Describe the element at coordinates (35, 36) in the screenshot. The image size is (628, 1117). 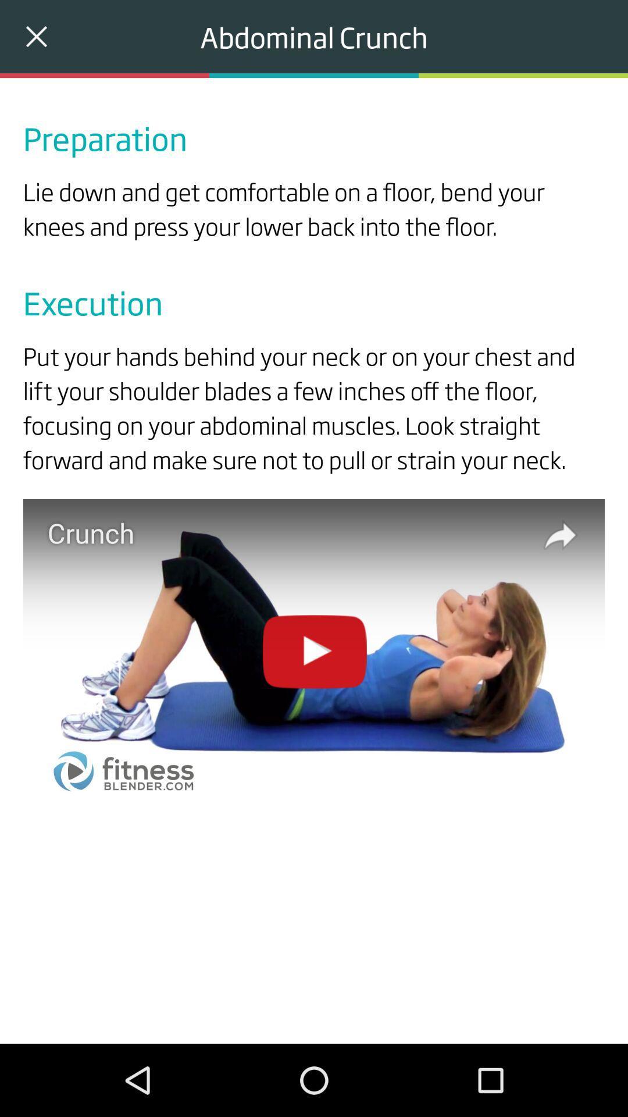
I see `the close icon` at that location.